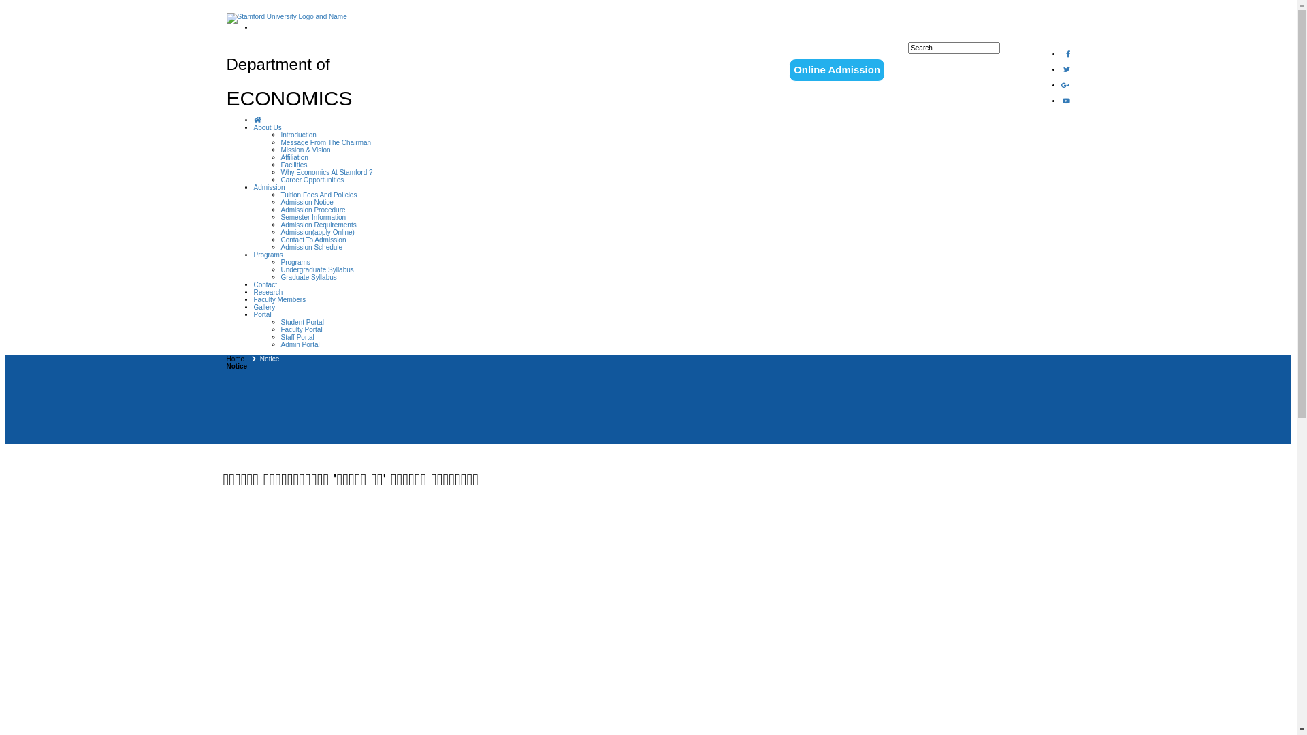  I want to click on 'Faculty Members', so click(278, 299).